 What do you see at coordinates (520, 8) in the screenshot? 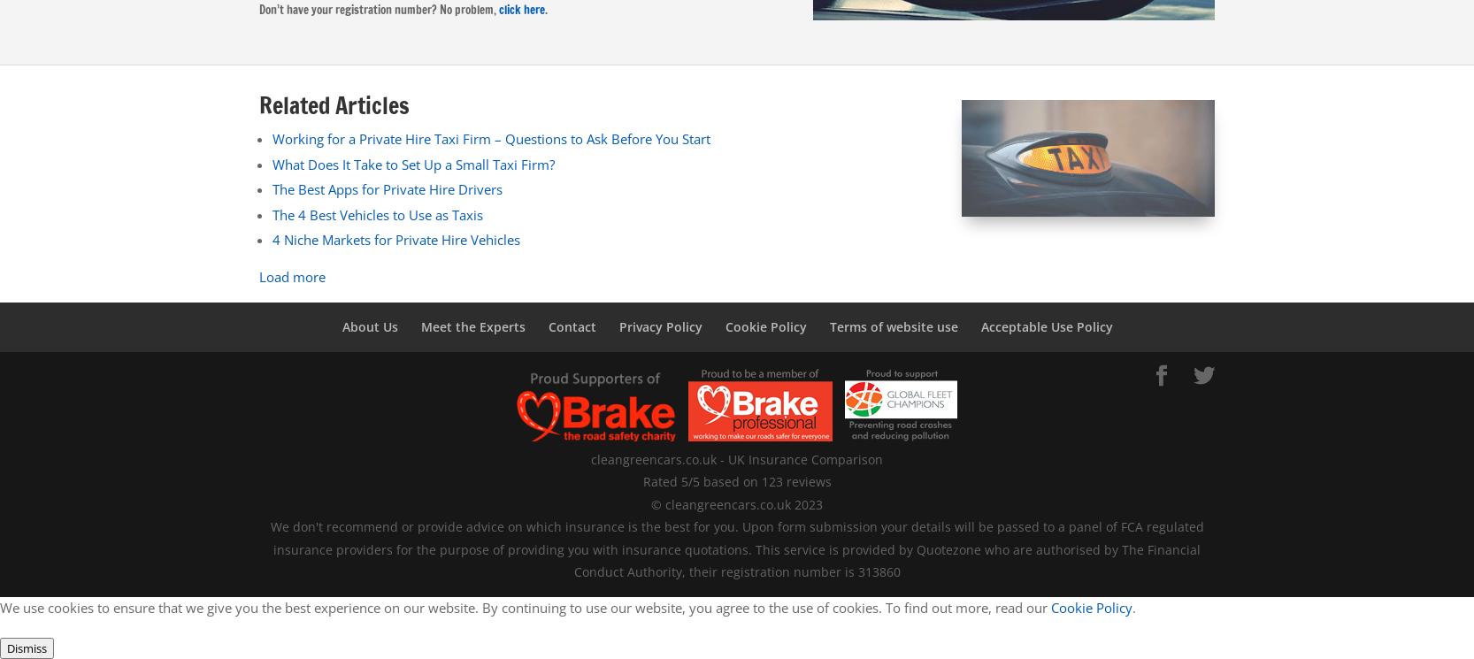
I see `'click here'` at bounding box center [520, 8].